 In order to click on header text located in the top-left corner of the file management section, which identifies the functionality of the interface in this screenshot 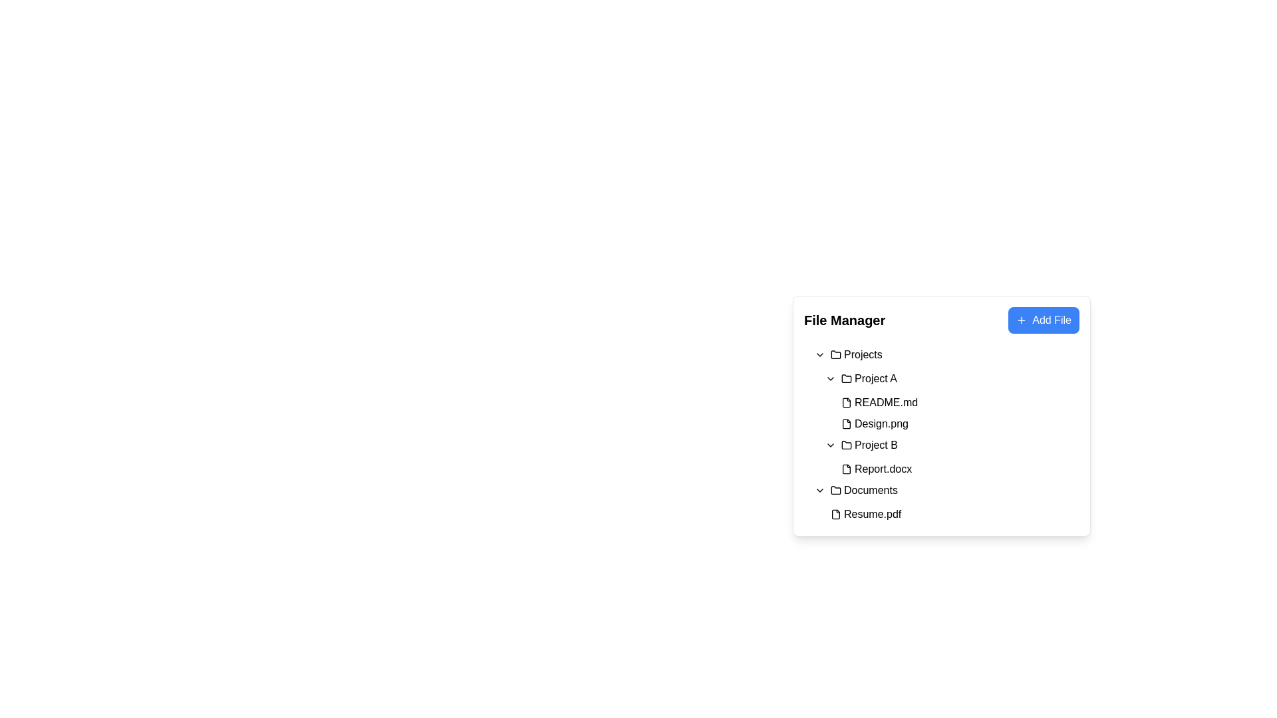, I will do `click(844, 320)`.